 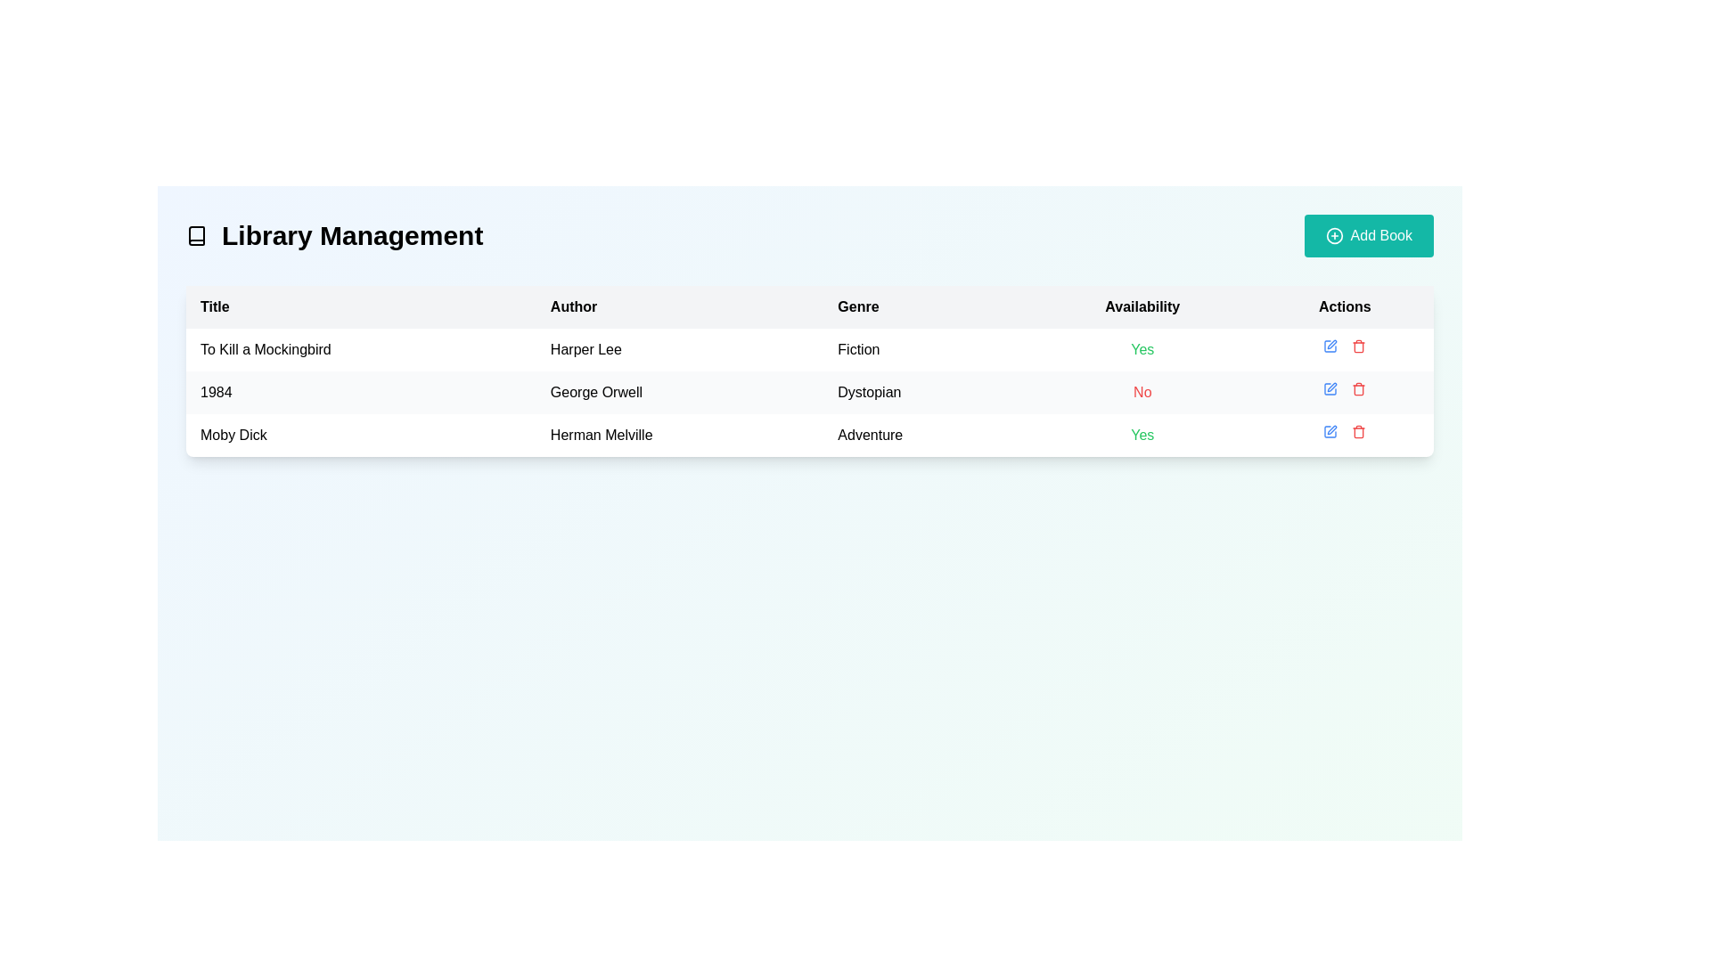 What do you see at coordinates (1142, 436) in the screenshot?
I see `the text label displaying 'Yes' in green color under the 'Availability' column for the book 'Moby Dick' in the table` at bounding box center [1142, 436].